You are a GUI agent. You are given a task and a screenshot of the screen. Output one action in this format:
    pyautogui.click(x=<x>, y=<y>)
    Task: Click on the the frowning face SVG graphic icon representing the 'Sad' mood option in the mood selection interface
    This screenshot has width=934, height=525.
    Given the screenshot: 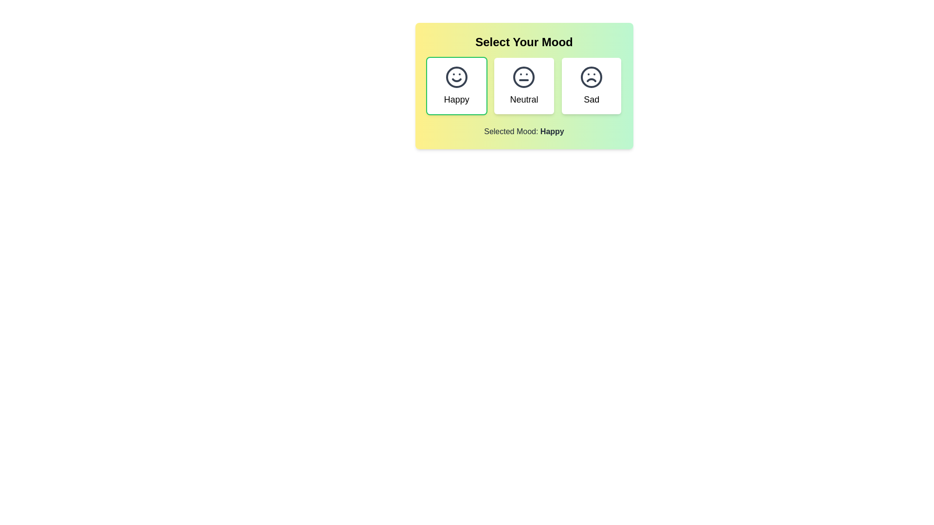 What is the action you would take?
    pyautogui.click(x=591, y=76)
    